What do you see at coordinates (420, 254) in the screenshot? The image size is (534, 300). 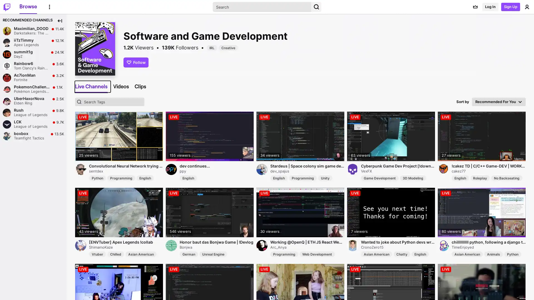 I see `English` at bounding box center [420, 254].